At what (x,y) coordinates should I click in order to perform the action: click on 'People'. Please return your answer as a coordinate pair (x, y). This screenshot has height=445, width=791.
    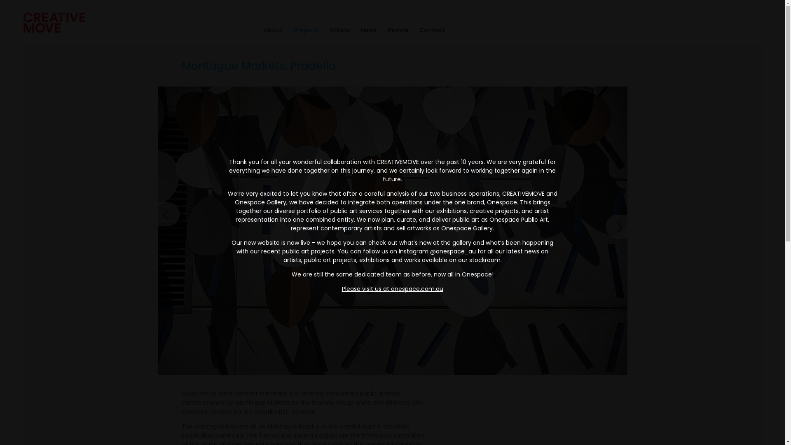
    Looking at the image, I should click on (377, 30).